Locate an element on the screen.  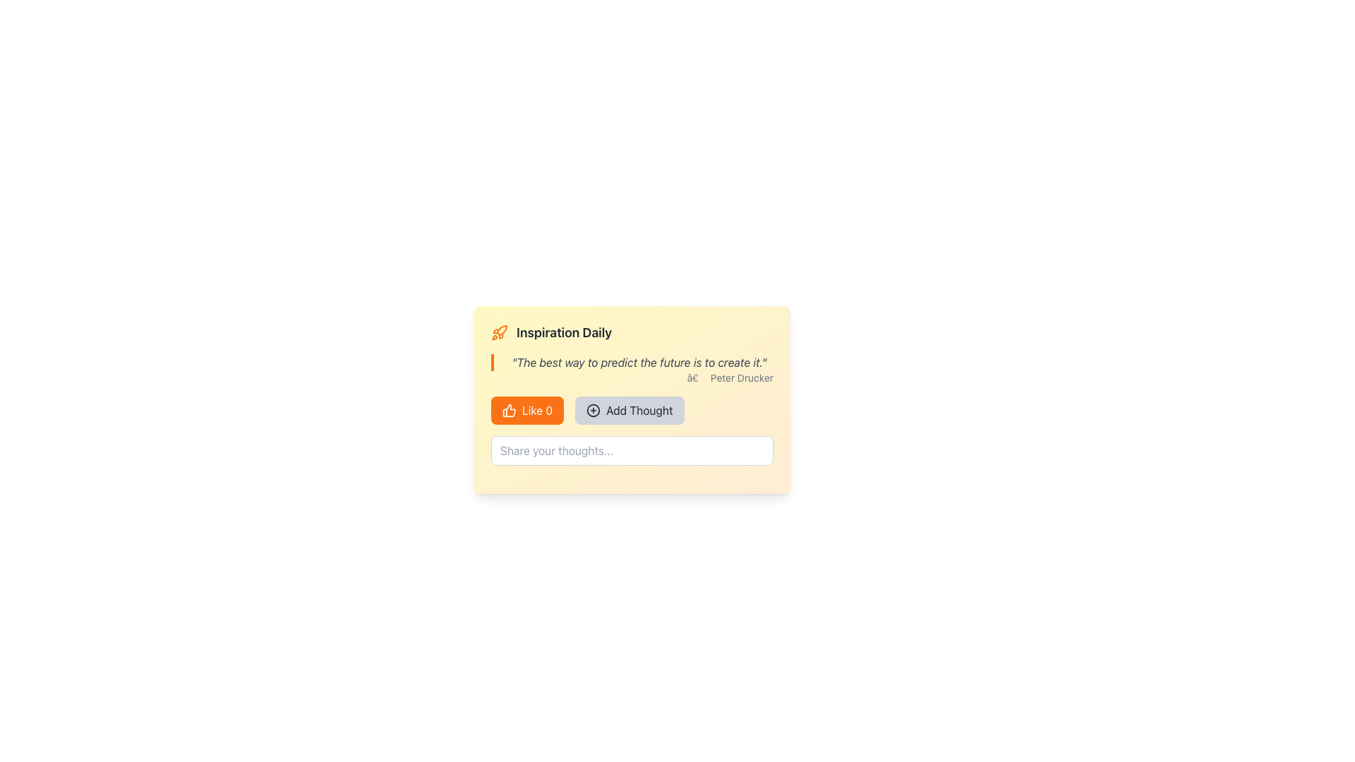
the italic text block that contains the quote 'The best way to predict the future is to create it.', which is bordered on the left with an orange line and located below the text 'Inspiration Daily' is located at coordinates (632, 361).